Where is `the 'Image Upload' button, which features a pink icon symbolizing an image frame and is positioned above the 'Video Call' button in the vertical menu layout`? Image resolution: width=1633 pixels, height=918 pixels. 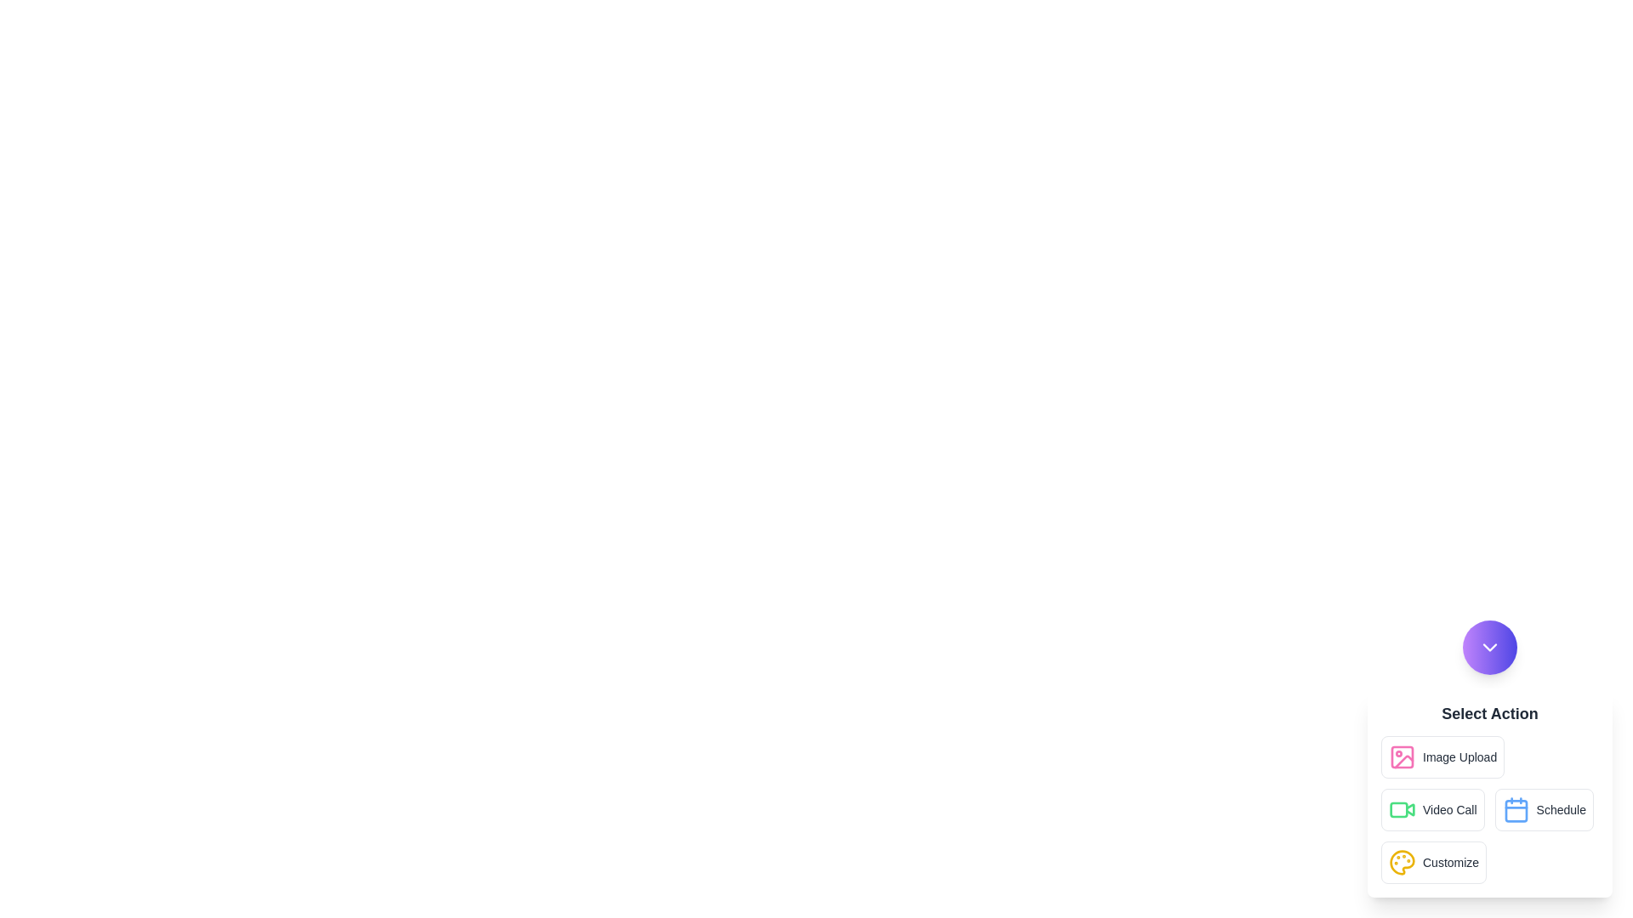
the 'Image Upload' button, which features a pink icon symbolizing an image frame and is positioned above the 'Video Call' button in the vertical menu layout is located at coordinates (1442, 756).